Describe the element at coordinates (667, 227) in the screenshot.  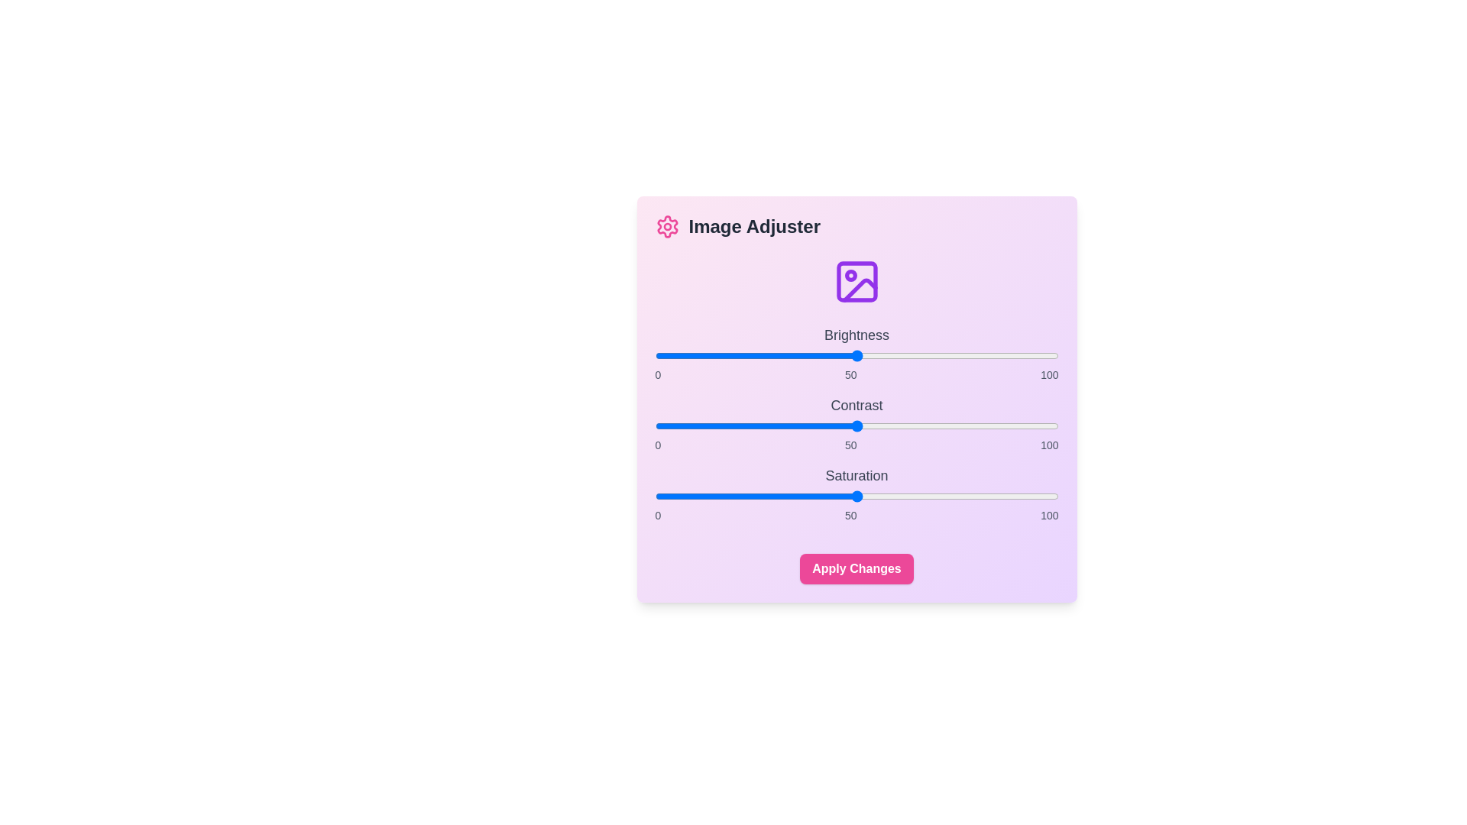
I see `the settings icon located at the top left corner of the component` at that location.